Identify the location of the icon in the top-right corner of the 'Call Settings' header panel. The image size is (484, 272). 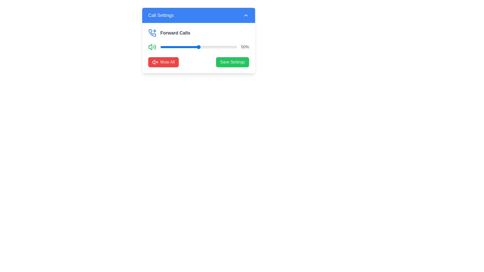
(246, 15).